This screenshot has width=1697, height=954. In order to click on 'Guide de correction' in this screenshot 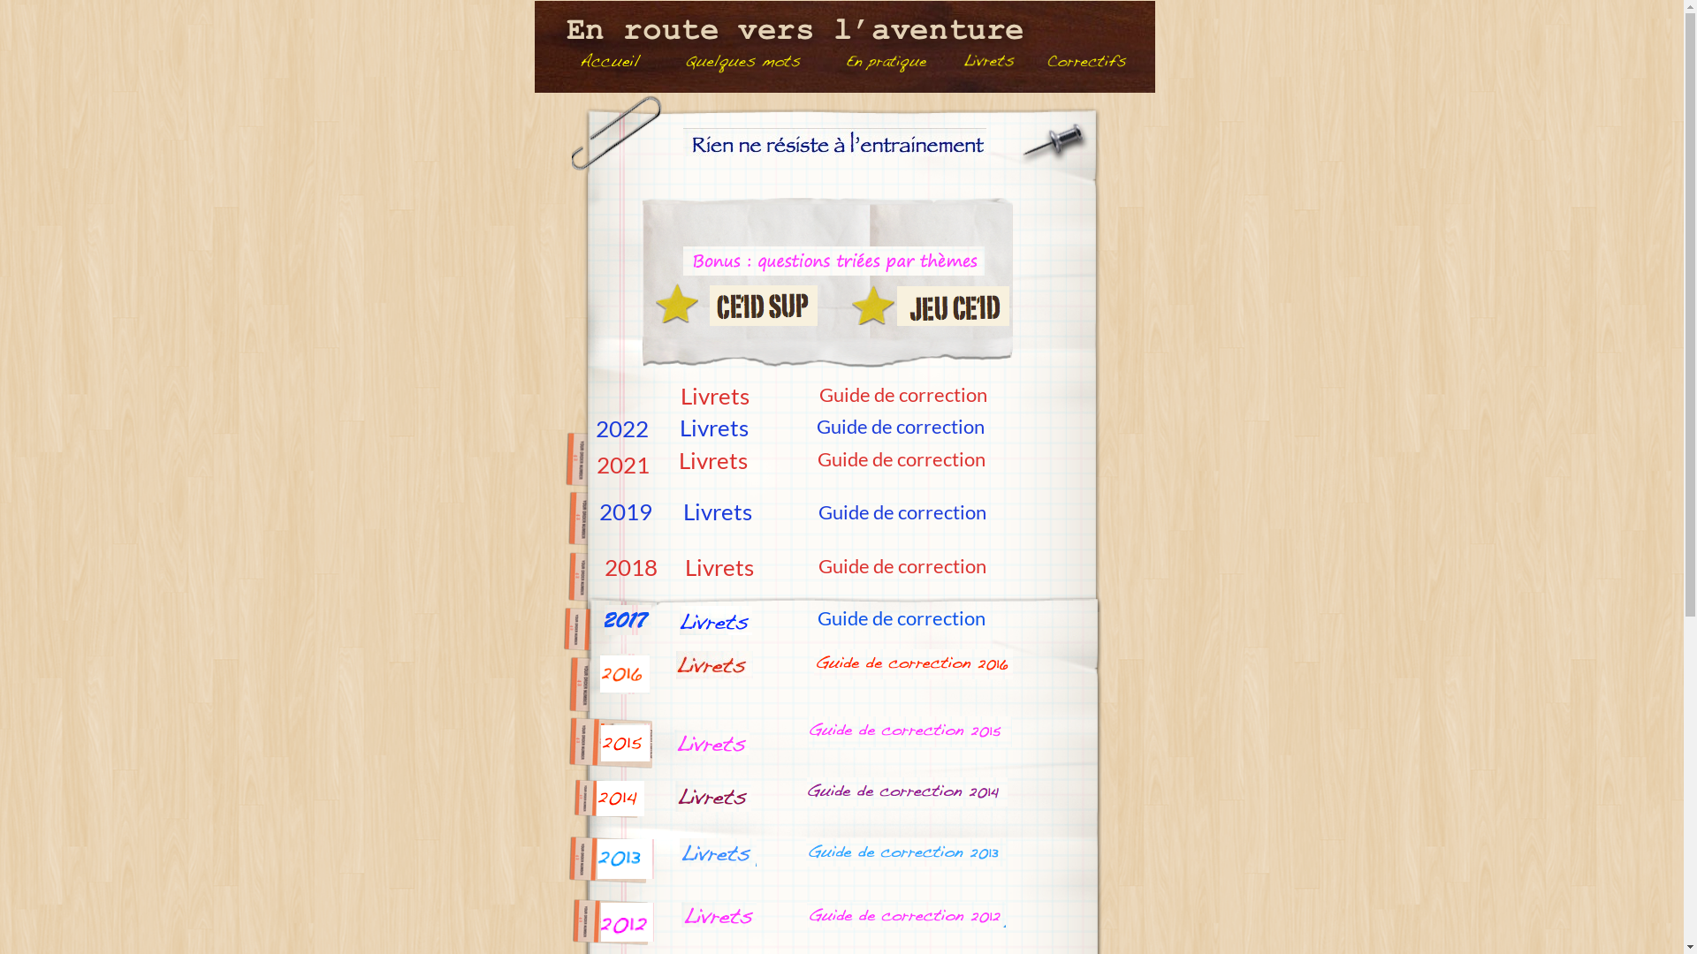, I will do `click(900, 426)`.